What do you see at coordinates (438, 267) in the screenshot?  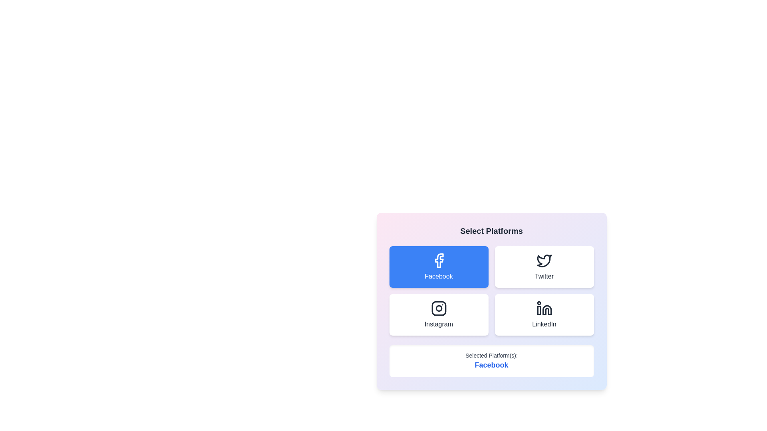 I see `the button corresponding to Facebook` at bounding box center [438, 267].